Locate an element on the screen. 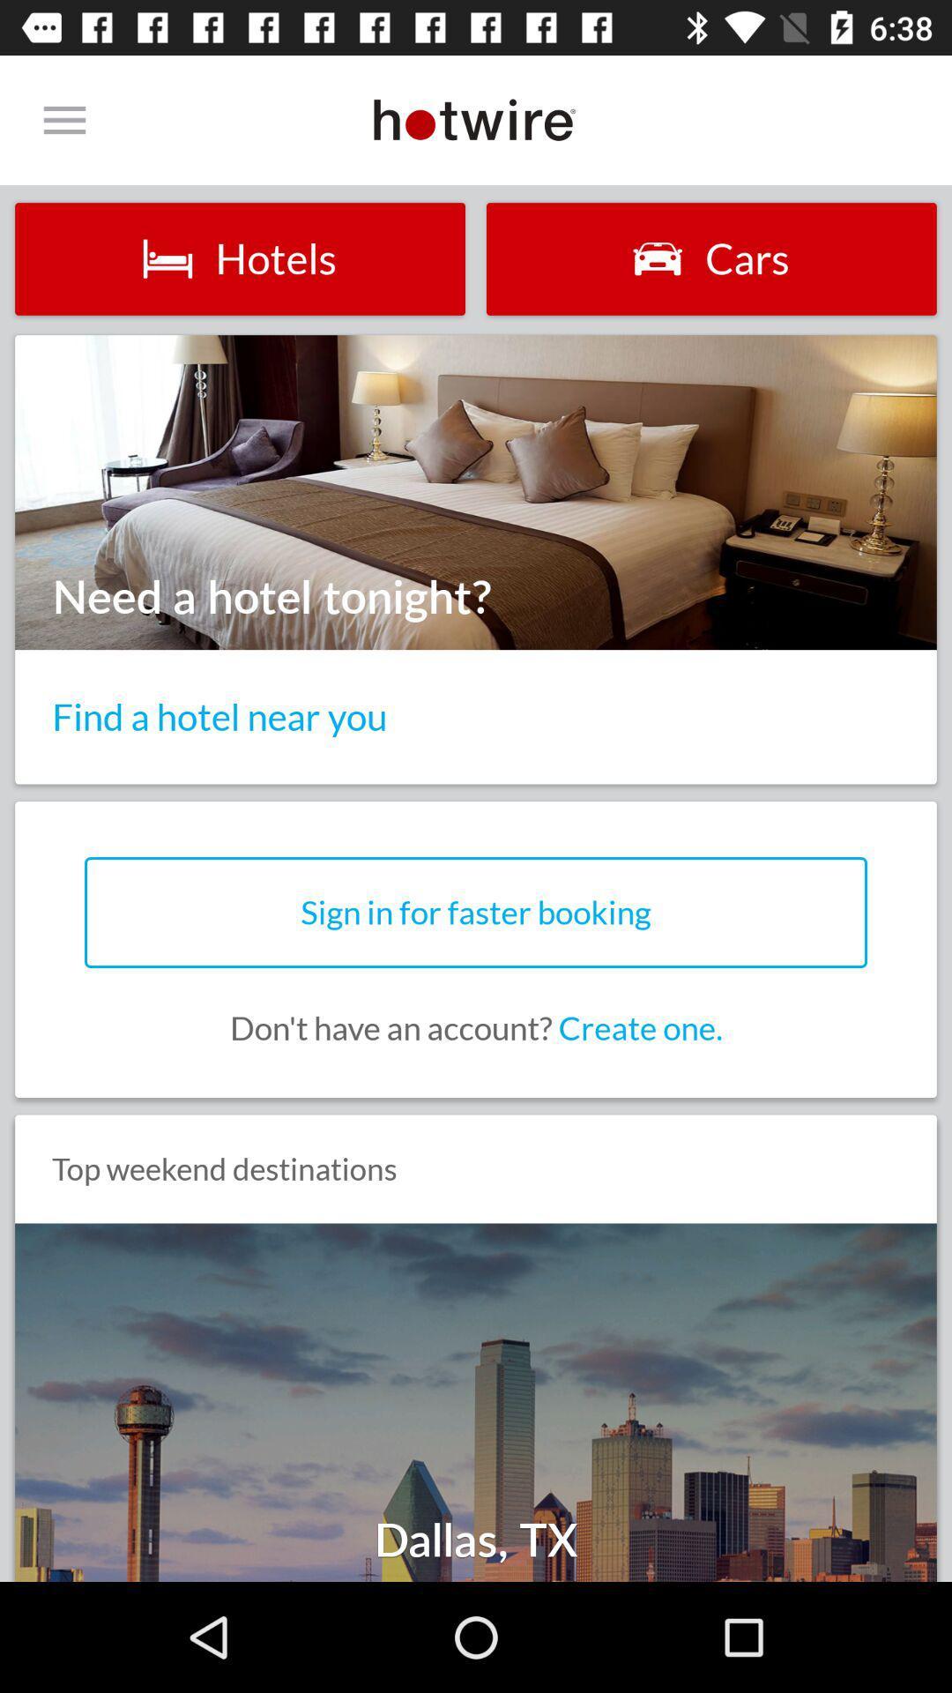 Image resolution: width=952 pixels, height=1693 pixels. the sign in for icon is located at coordinates (476, 913).